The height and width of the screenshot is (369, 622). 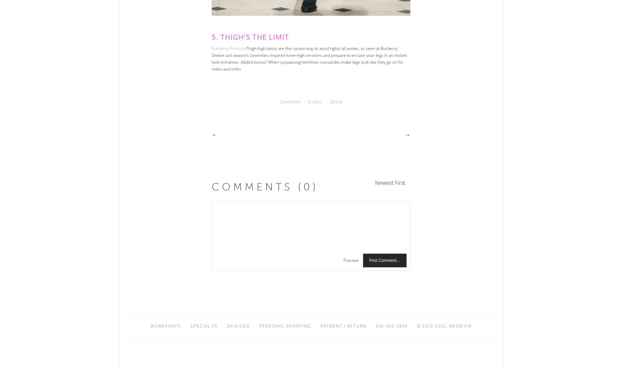 What do you see at coordinates (228, 48) in the screenshot?
I see `'Burberry Prorsum'` at bounding box center [228, 48].